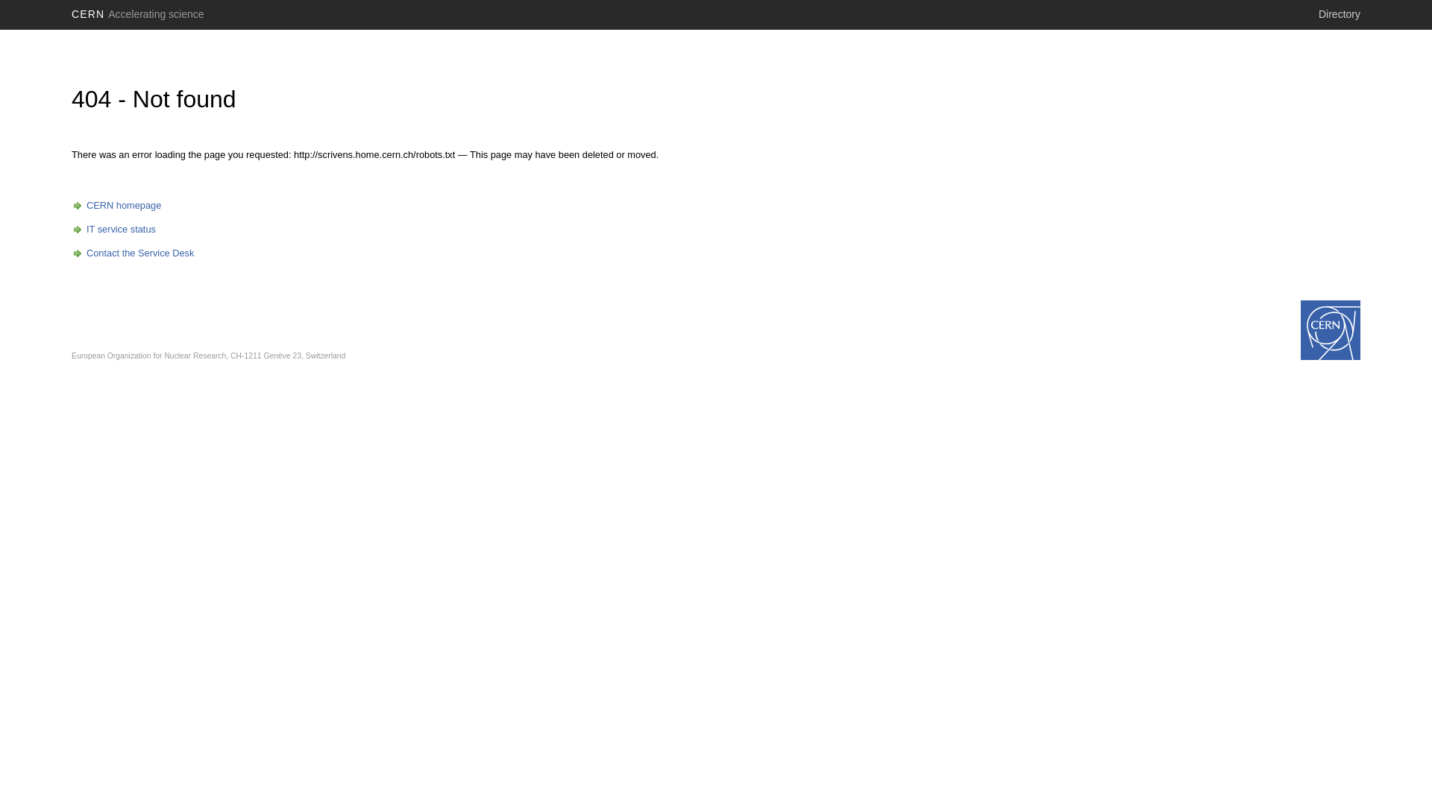 The width and height of the screenshot is (1432, 805). What do you see at coordinates (71, 205) in the screenshot?
I see `'CERN homepage'` at bounding box center [71, 205].